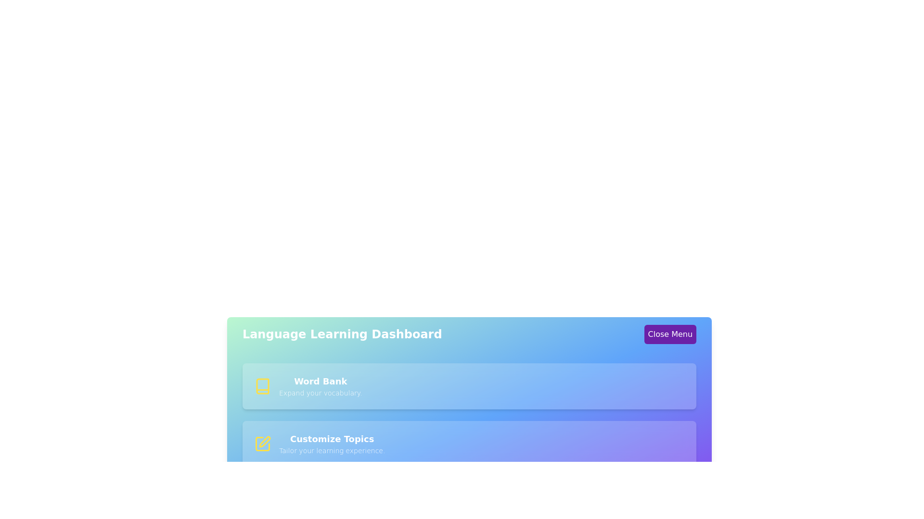 This screenshot has height=519, width=924. Describe the element at coordinates (342, 334) in the screenshot. I see `the 'Language Learning Dashboard' header text` at that location.